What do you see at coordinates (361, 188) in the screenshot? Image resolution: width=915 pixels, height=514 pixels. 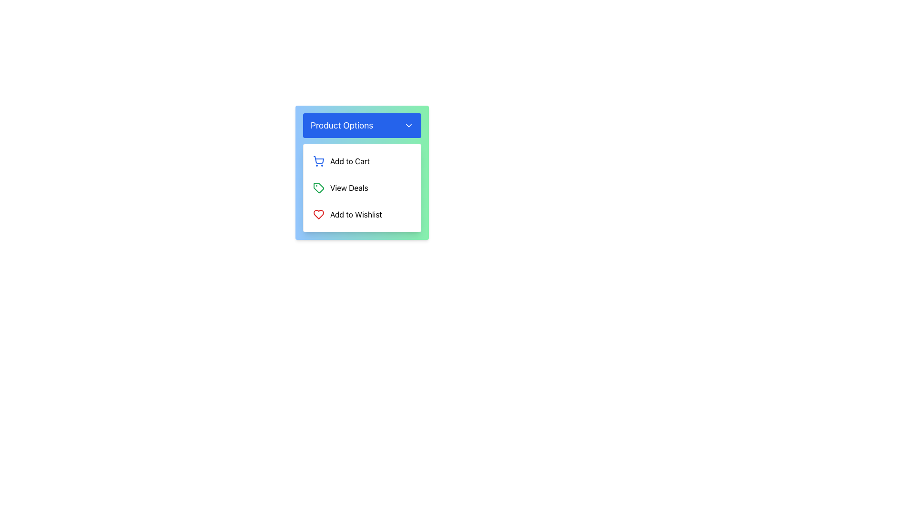 I see `the vertical menu item located at the center of the dropdown menu under the 'Product Options' button` at bounding box center [361, 188].